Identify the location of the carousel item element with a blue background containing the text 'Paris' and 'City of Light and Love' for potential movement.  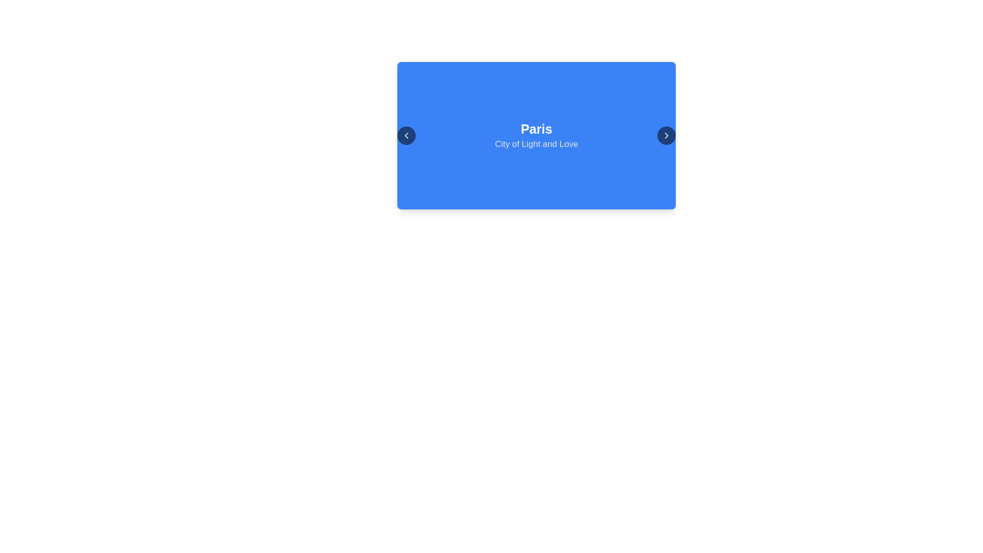
(536, 135).